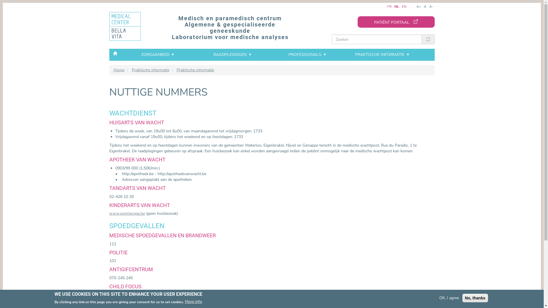  Describe the element at coordinates (146, 99) in the screenshot. I see `'HUISARTSEN'` at that location.